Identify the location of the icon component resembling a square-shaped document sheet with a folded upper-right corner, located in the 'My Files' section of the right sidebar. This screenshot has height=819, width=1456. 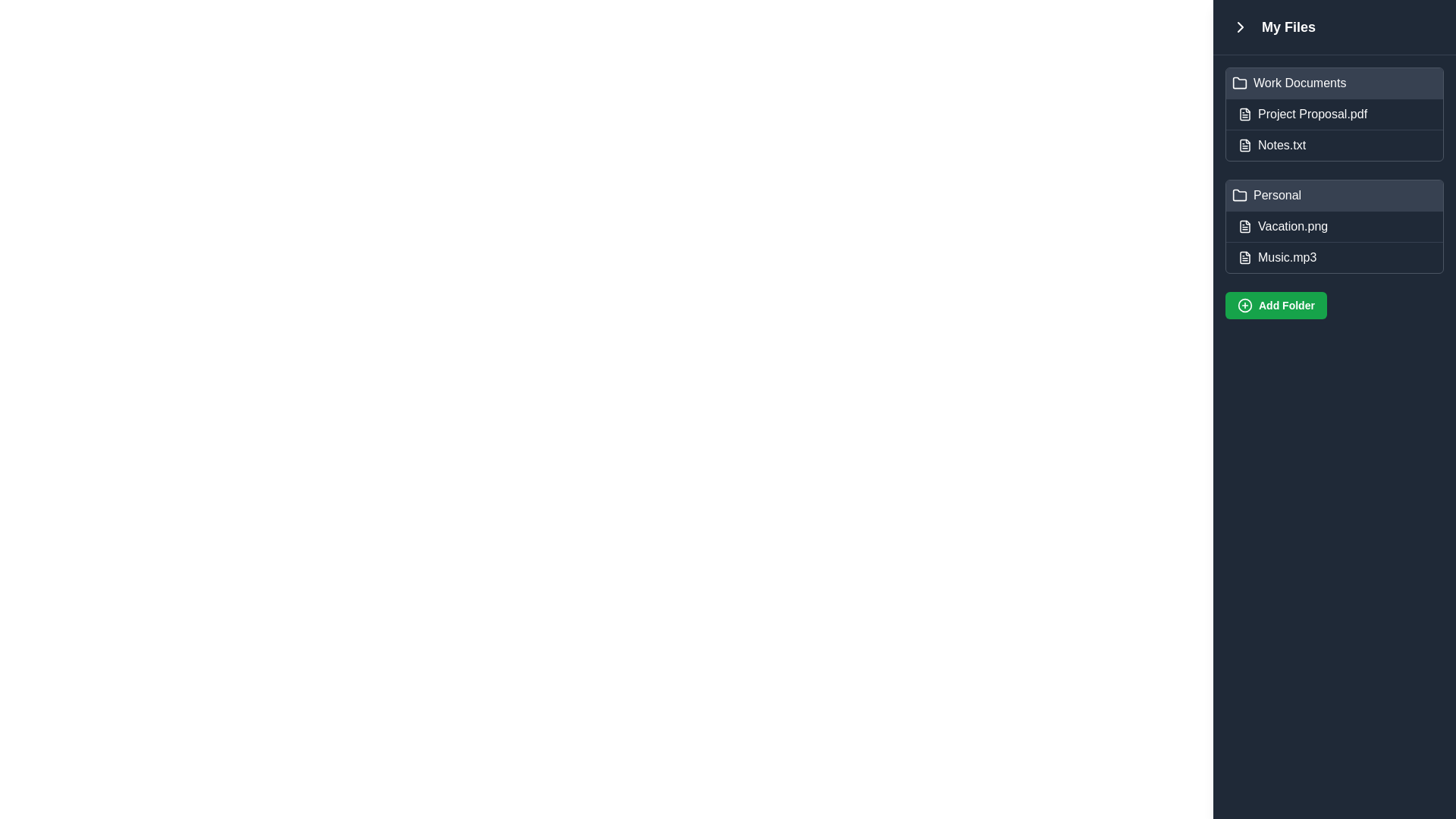
(1244, 113).